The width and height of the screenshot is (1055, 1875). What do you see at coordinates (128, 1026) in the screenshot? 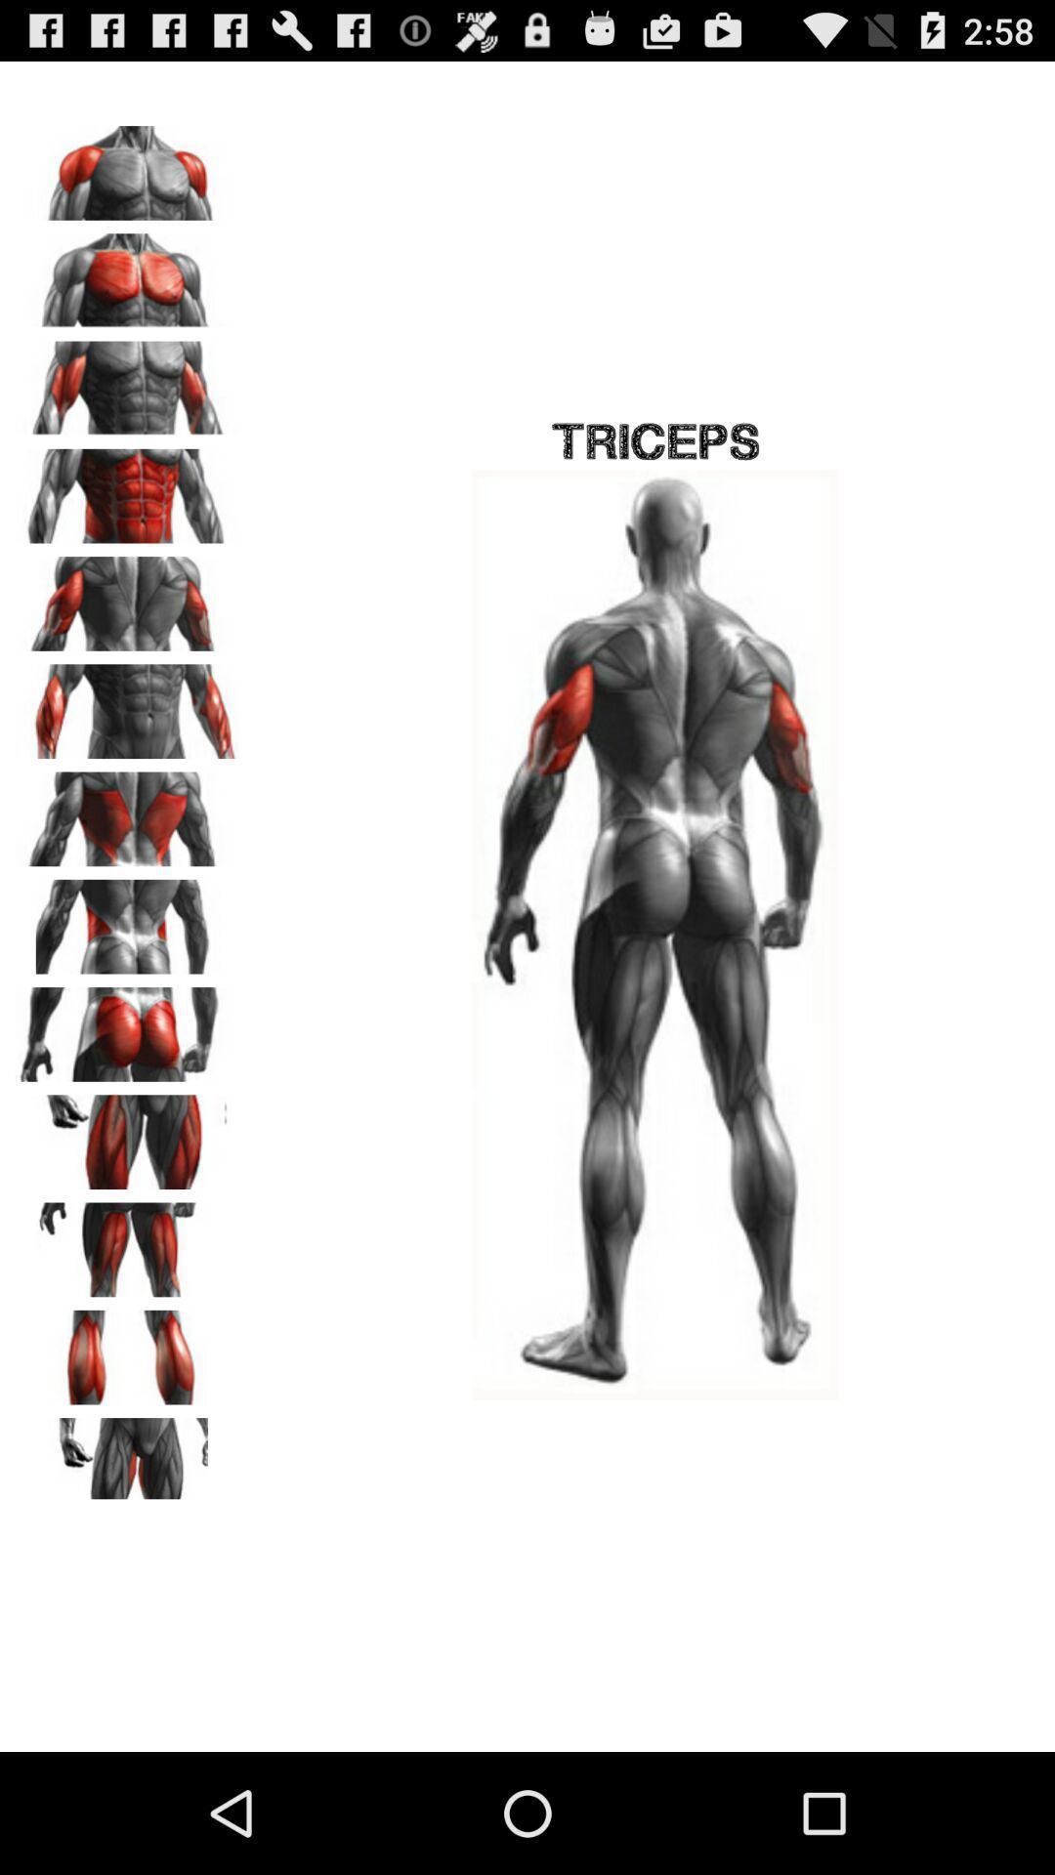
I see `butt muscle selection` at bounding box center [128, 1026].